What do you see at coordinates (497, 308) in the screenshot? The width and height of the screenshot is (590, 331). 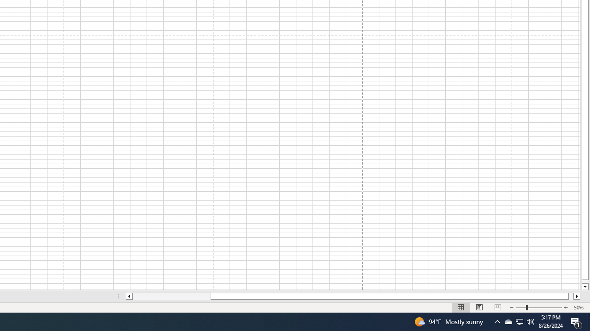 I see `'Page Break Preview'` at bounding box center [497, 308].